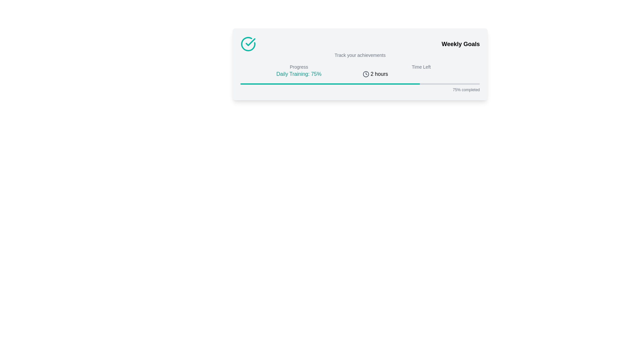  I want to click on the status indicator text that shows the percentage of daily training completed, located directly underneath the 'Progress' label, so click(298, 74).